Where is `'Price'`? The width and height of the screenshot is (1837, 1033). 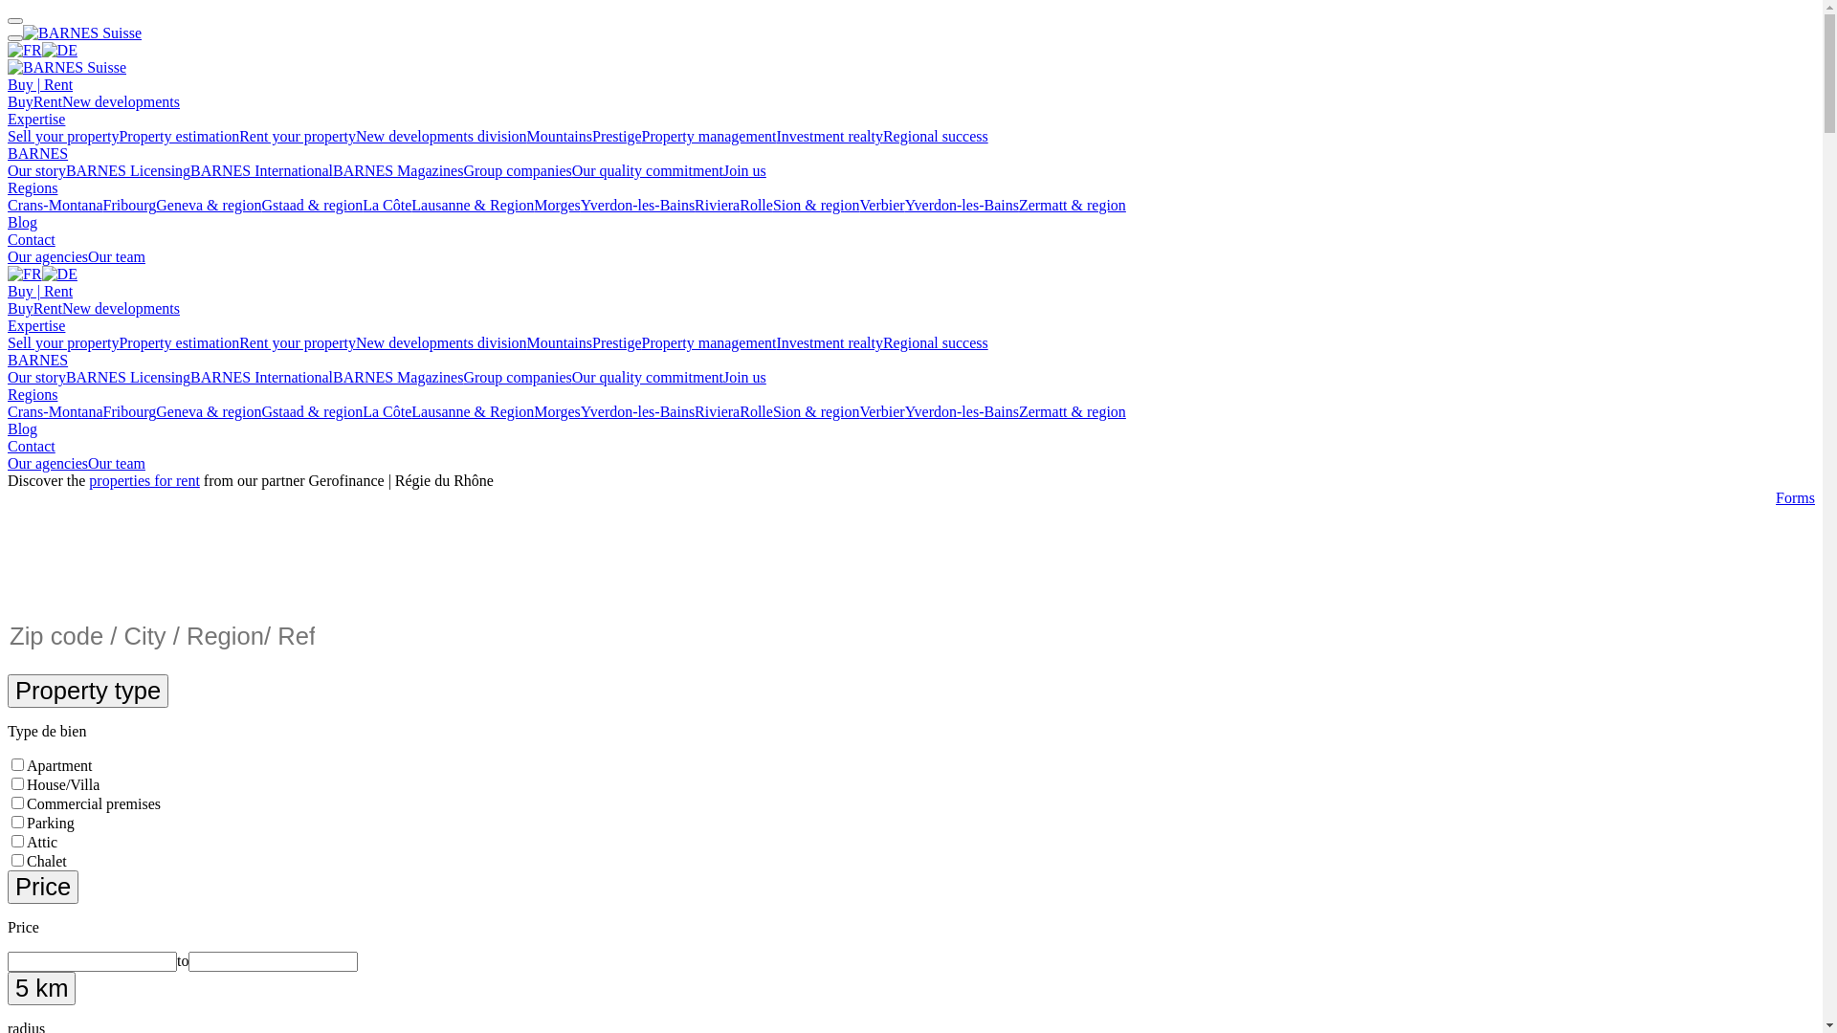
'Price' is located at coordinates (42, 887).